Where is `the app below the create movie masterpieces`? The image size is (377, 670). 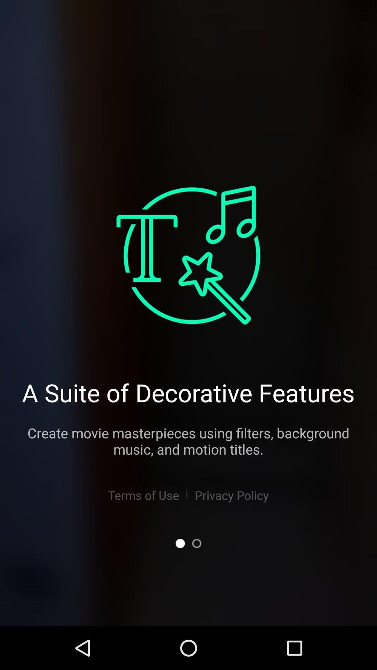
the app below the create movie masterpieces is located at coordinates (143, 495).